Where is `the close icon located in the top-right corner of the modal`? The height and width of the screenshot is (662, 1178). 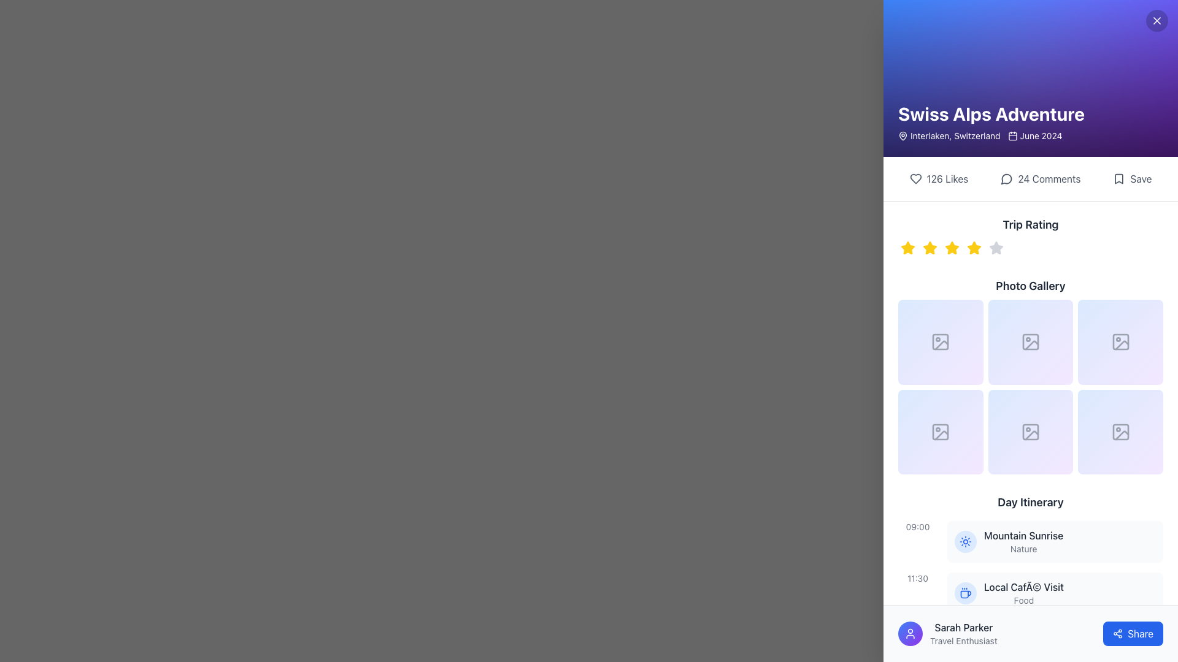 the close icon located in the top-right corner of the modal is located at coordinates (1157, 21).